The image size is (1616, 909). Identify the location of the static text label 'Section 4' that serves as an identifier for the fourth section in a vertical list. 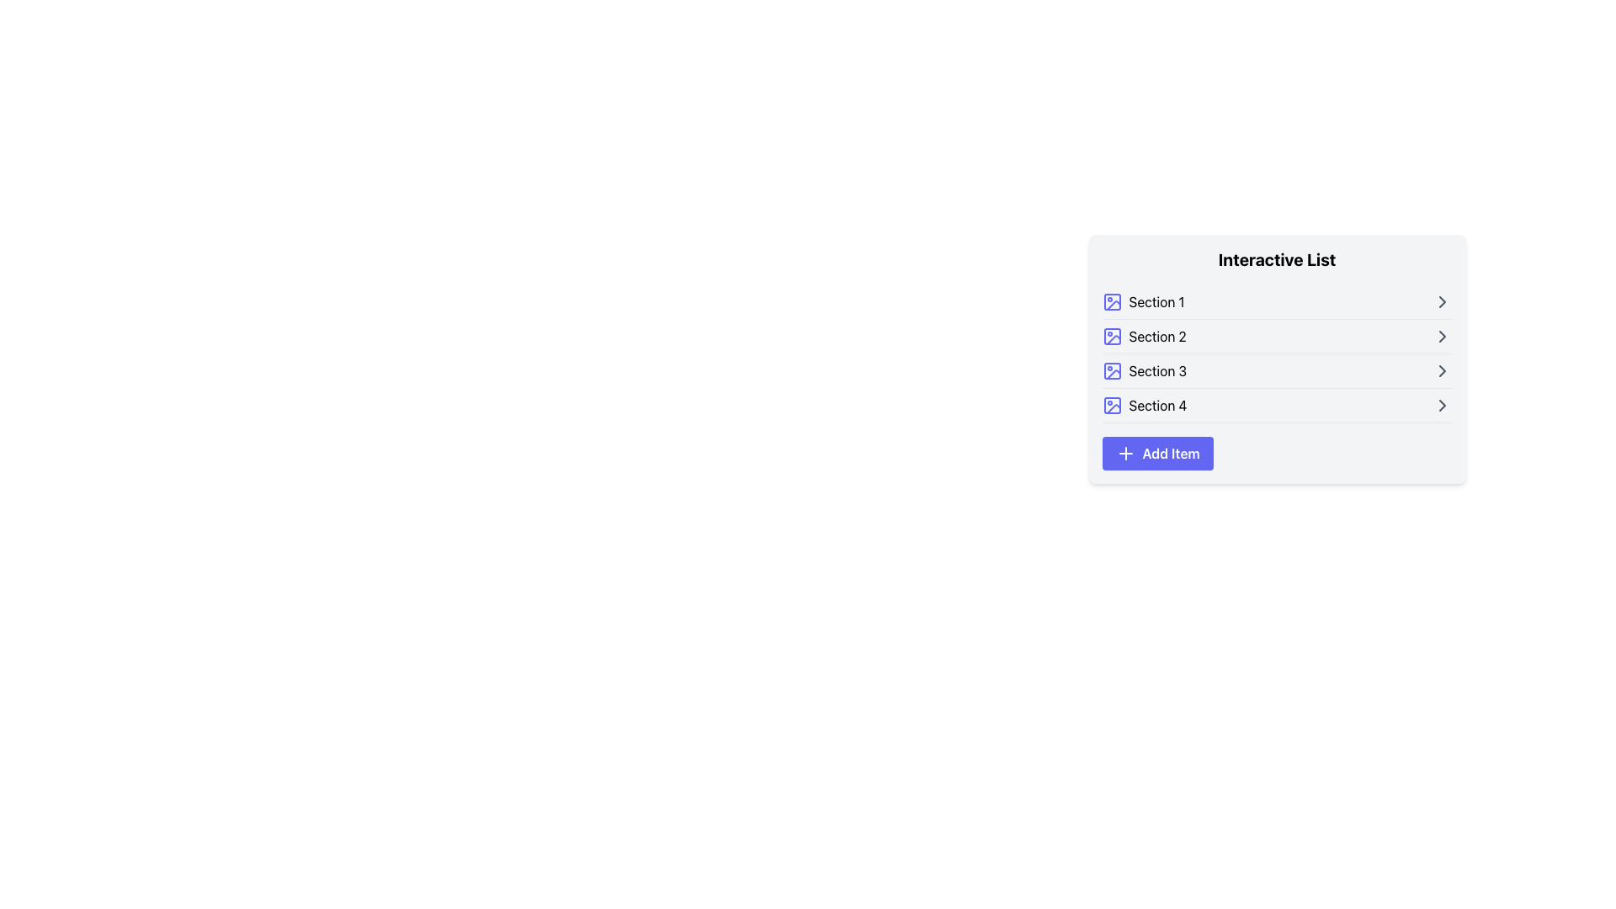
(1157, 406).